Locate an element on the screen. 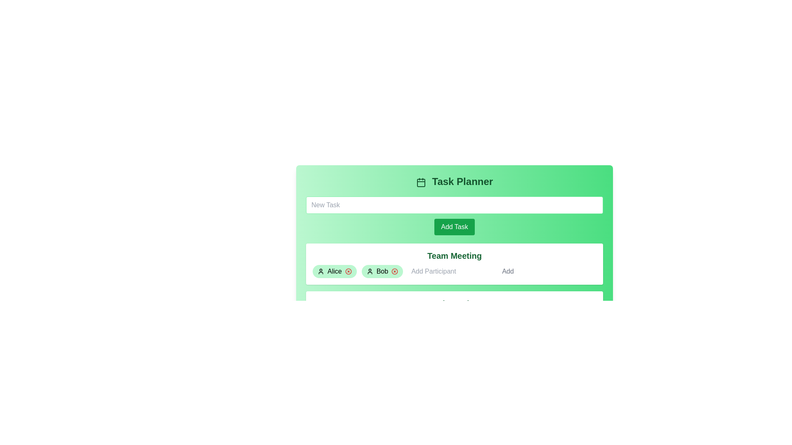 The height and width of the screenshot is (445, 792). the central decorative SVG element of the calendar icon, which is part of a 24x24 pixel viewbox and contributes to the visual representation of a calendar is located at coordinates (421, 182).